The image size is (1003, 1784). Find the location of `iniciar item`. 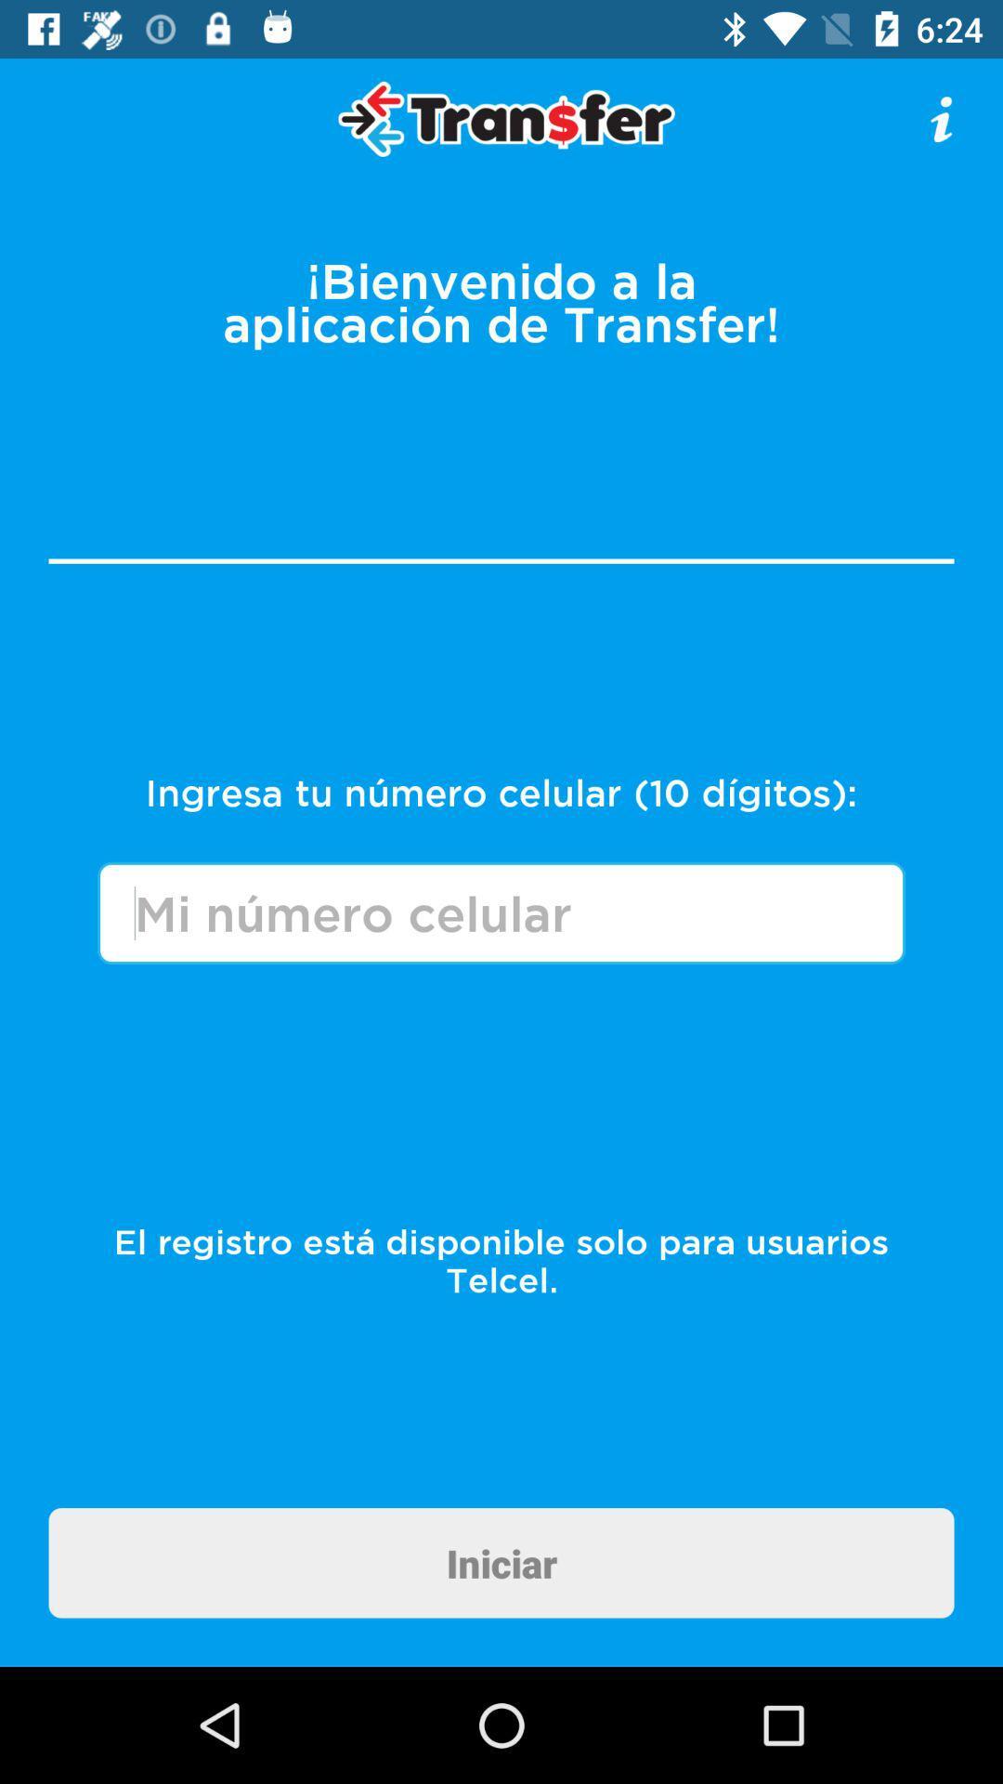

iniciar item is located at coordinates (501, 1562).